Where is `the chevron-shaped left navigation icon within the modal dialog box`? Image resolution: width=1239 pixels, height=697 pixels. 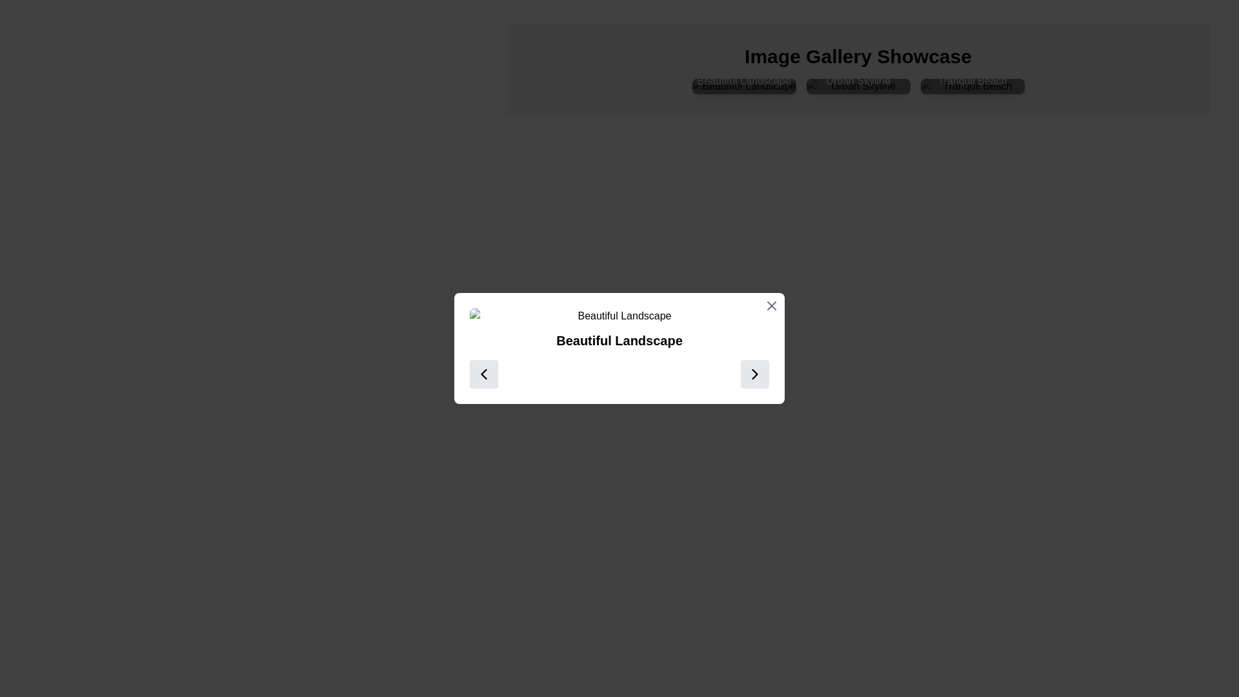 the chevron-shaped left navigation icon within the modal dialog box is located at coordinates (483, 374).